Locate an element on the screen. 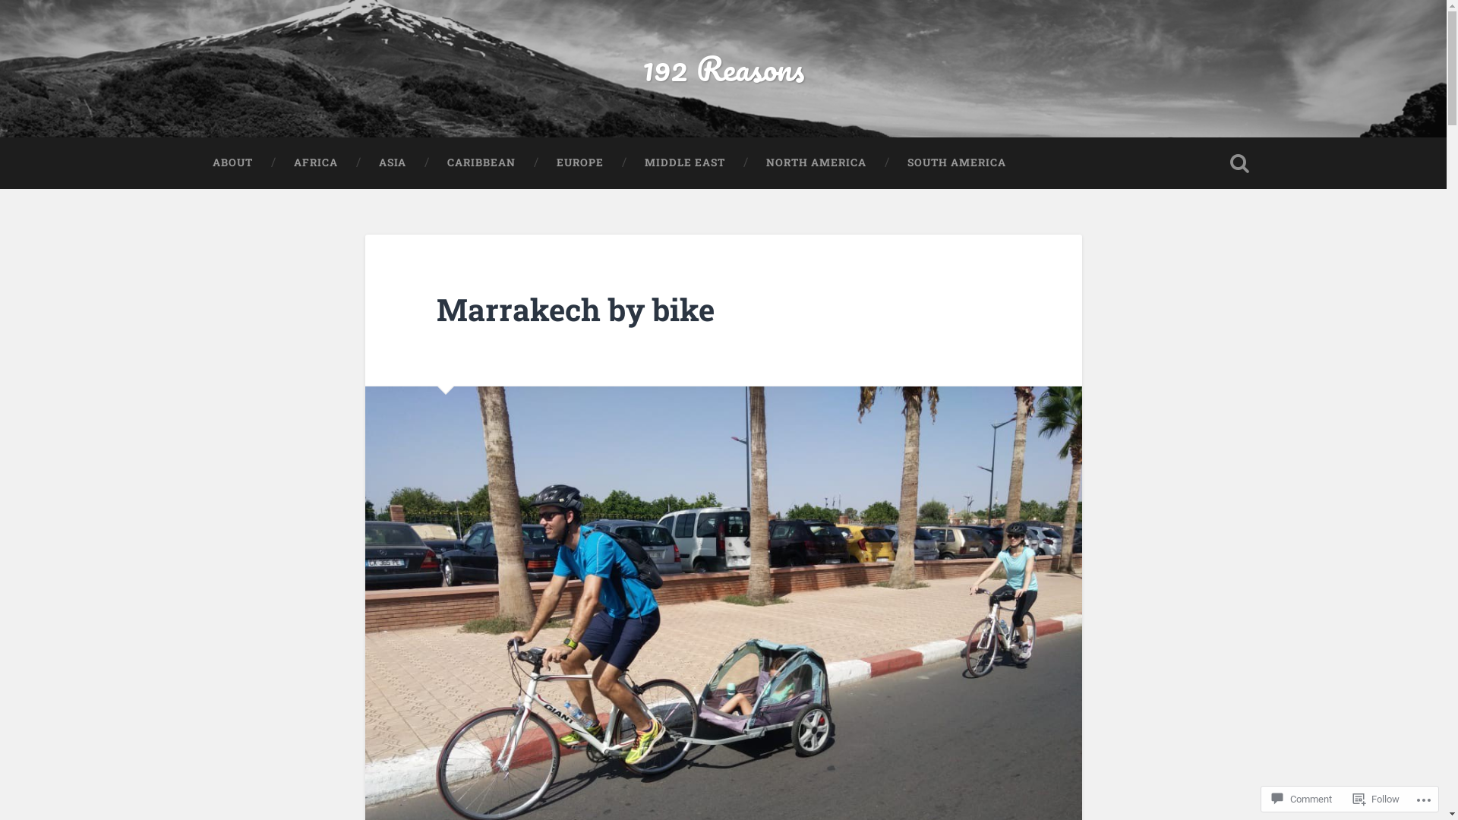 The height and width of the screenshot is (820, 1458). 'ABOUT' is located at coordinates (191, 162).